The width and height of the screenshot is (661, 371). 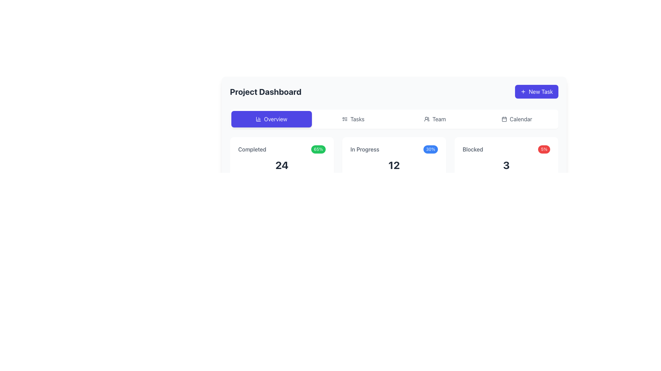 I want to click on the metrics panel that displays 'Completed' with a figure of '24' and a green circular badge showing '65%.', so click(x=282, y=162).